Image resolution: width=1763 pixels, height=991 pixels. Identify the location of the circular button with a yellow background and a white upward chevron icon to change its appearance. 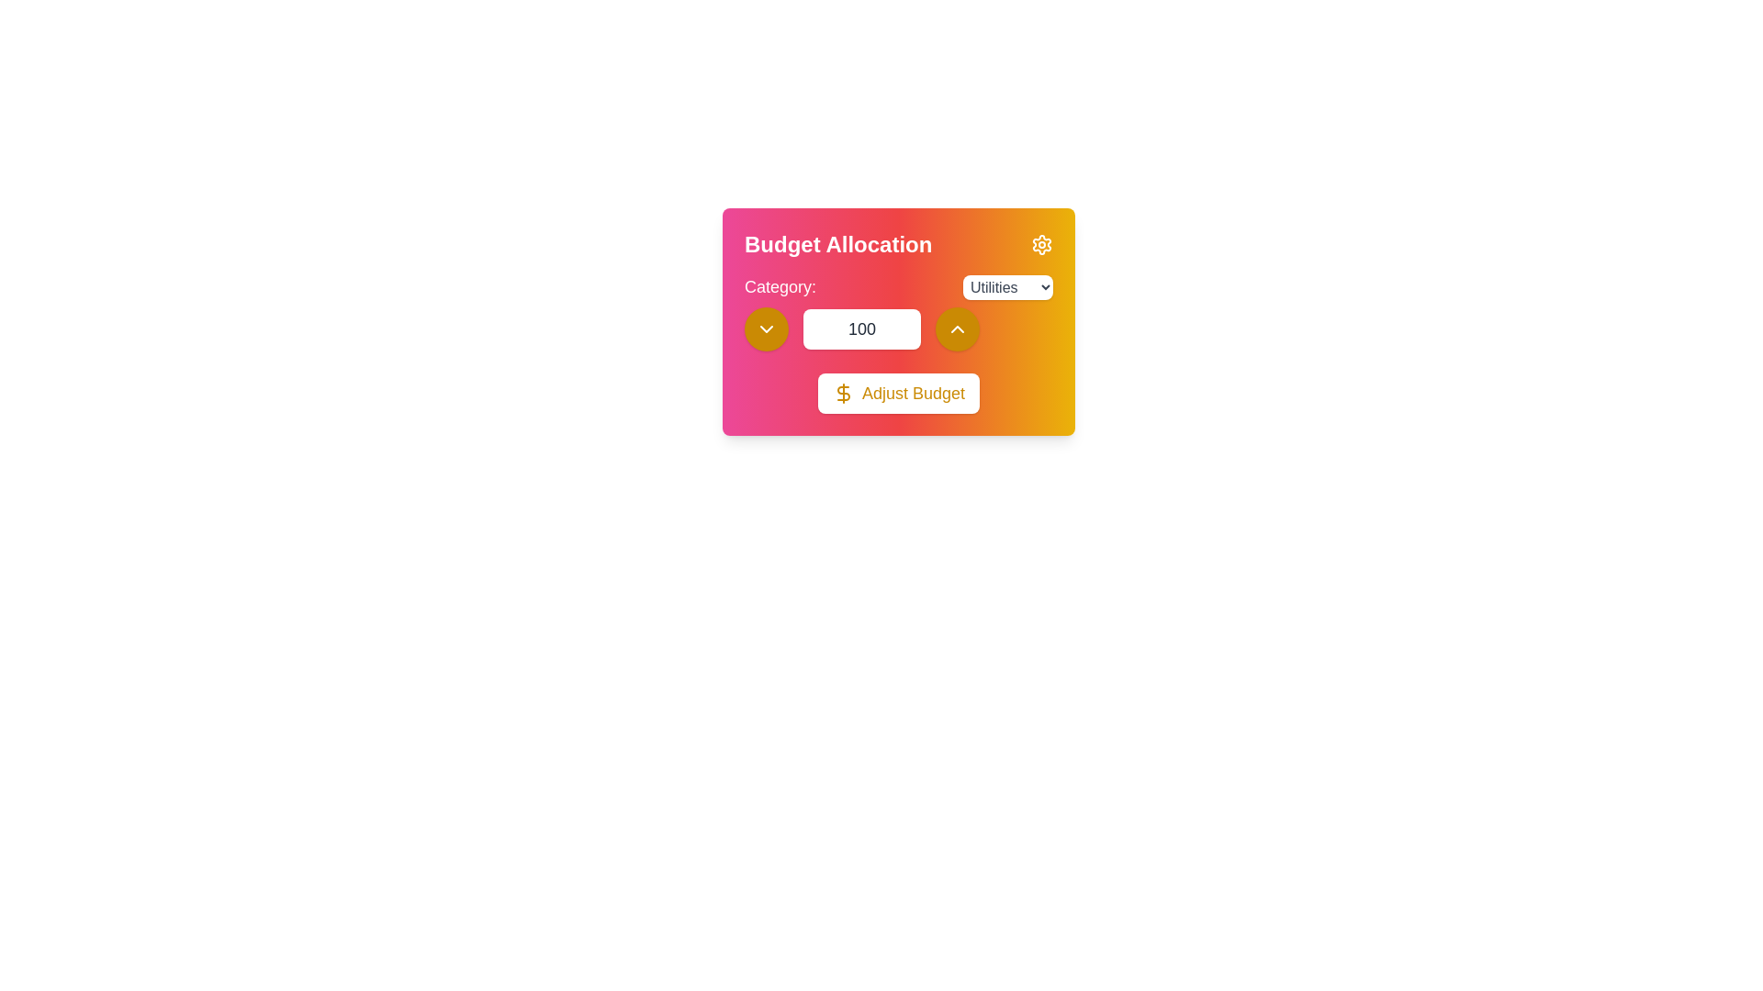
(956, 328).